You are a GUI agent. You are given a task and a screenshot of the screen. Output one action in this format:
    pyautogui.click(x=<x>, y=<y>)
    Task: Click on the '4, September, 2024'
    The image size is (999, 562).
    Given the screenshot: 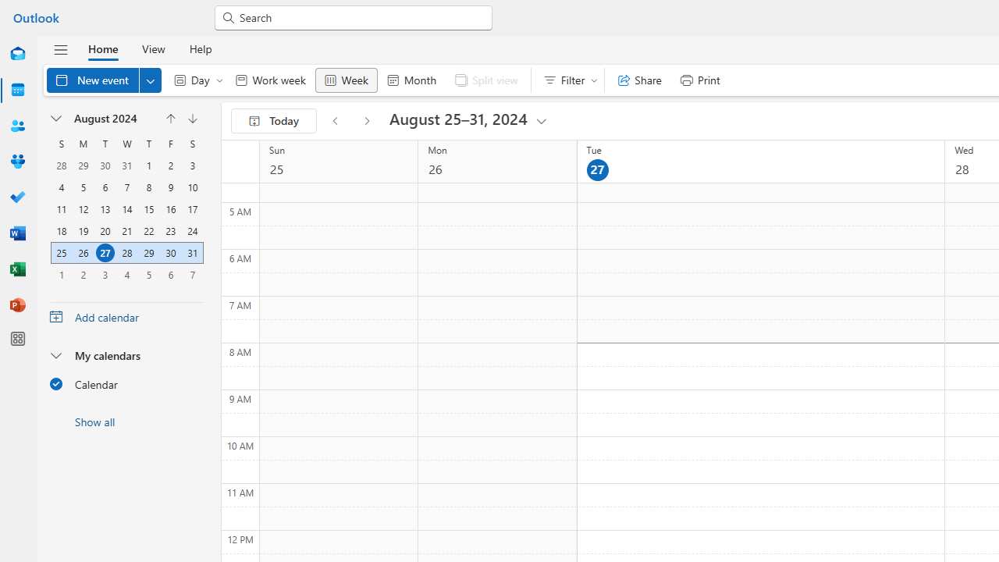 What is the action you would take?
    pyautogui.click(x=127, y=274)
    